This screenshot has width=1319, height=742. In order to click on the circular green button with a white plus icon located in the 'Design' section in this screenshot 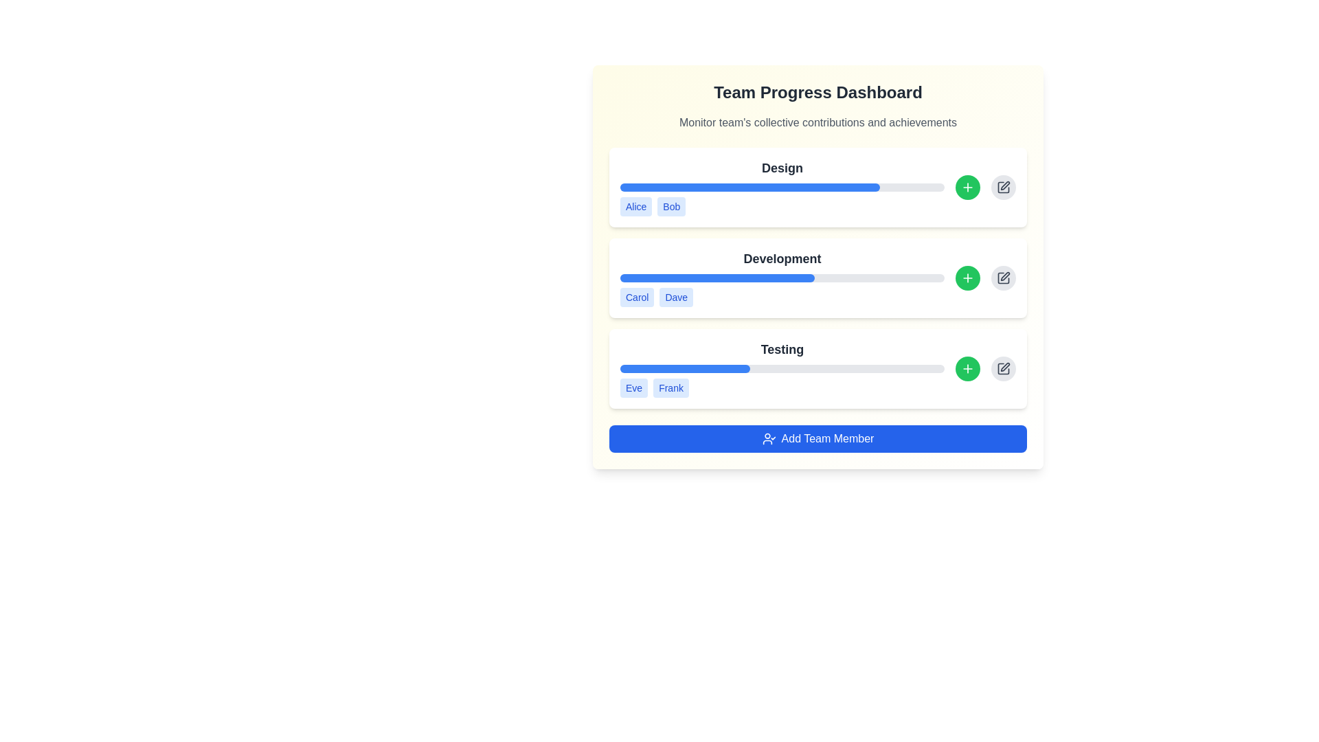, I will do `click(967, 188)`.